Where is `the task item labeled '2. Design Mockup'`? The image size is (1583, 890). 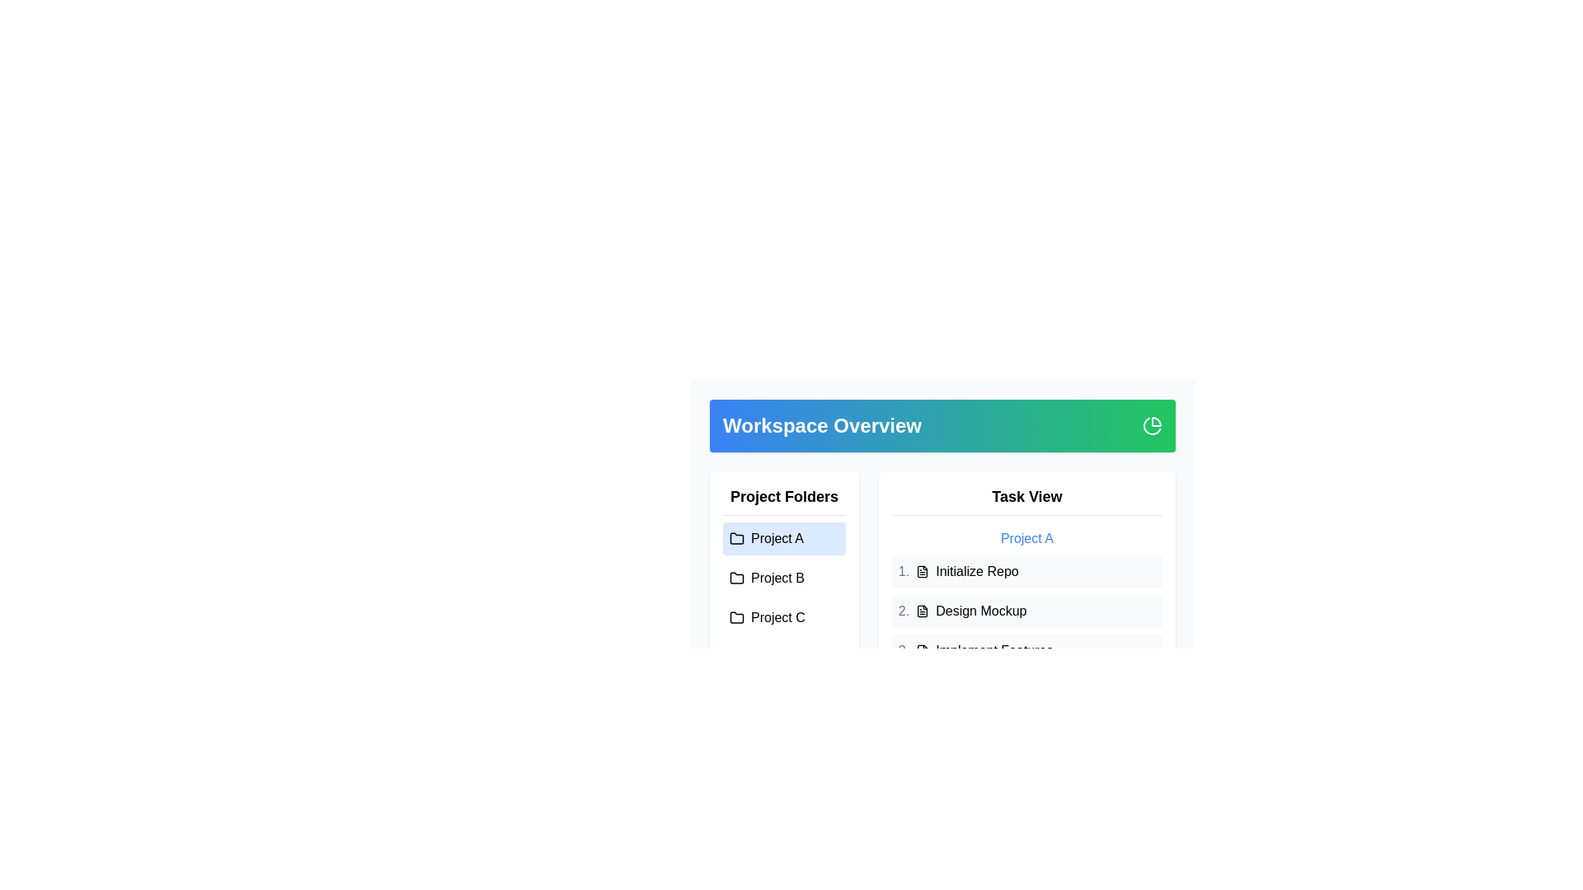
the task item labeled '2. Design Mockup' is located at coordinates (1026, 611).